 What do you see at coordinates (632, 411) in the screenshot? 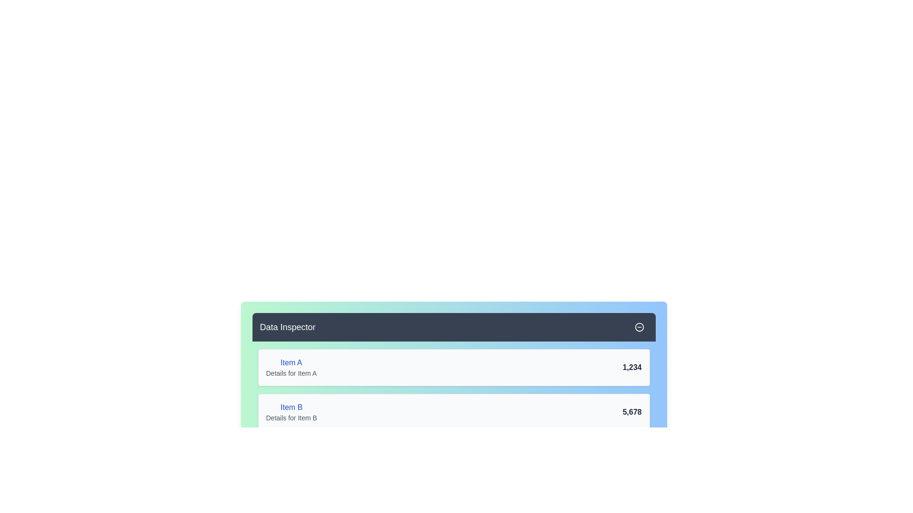
I see `the bold numerical text label displaying '5,678', which is located to the far right of the 'Details for Item B' text within the 'Item B' panel` at bounding box center [632, 411].